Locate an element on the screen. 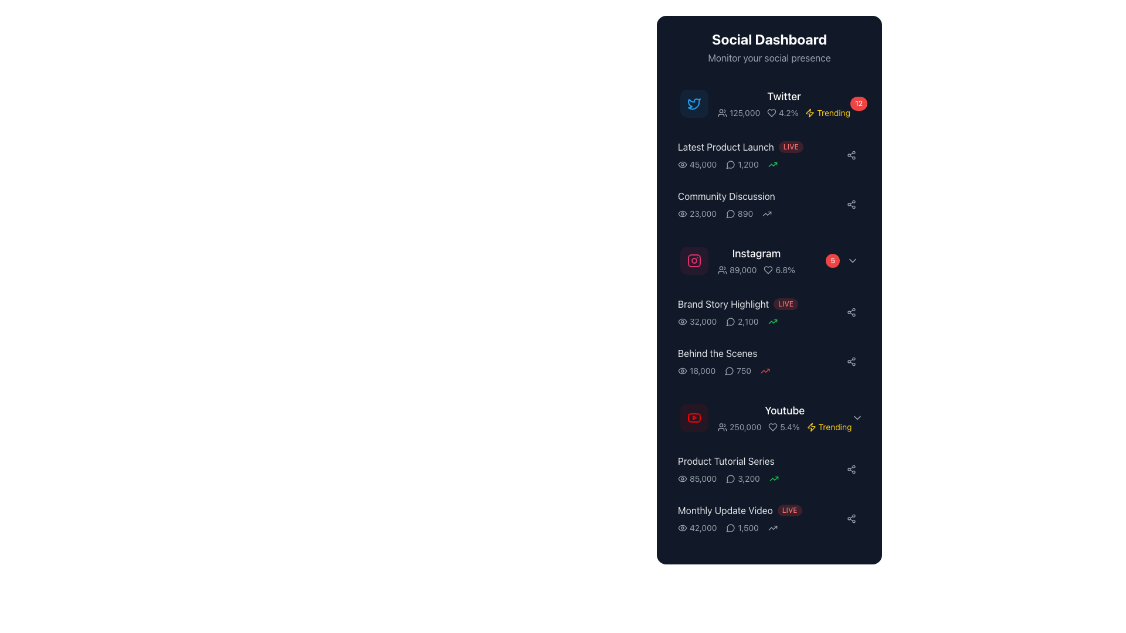 The image size is (1126, 633). the text label displaying the numeric value '125,000' which is styled in a small, gray font and is accompanied by an icon of a silhouette of two people to the left, located in the Twitter metrics section of the Social Dashboard is located at coordinates (738, 113).